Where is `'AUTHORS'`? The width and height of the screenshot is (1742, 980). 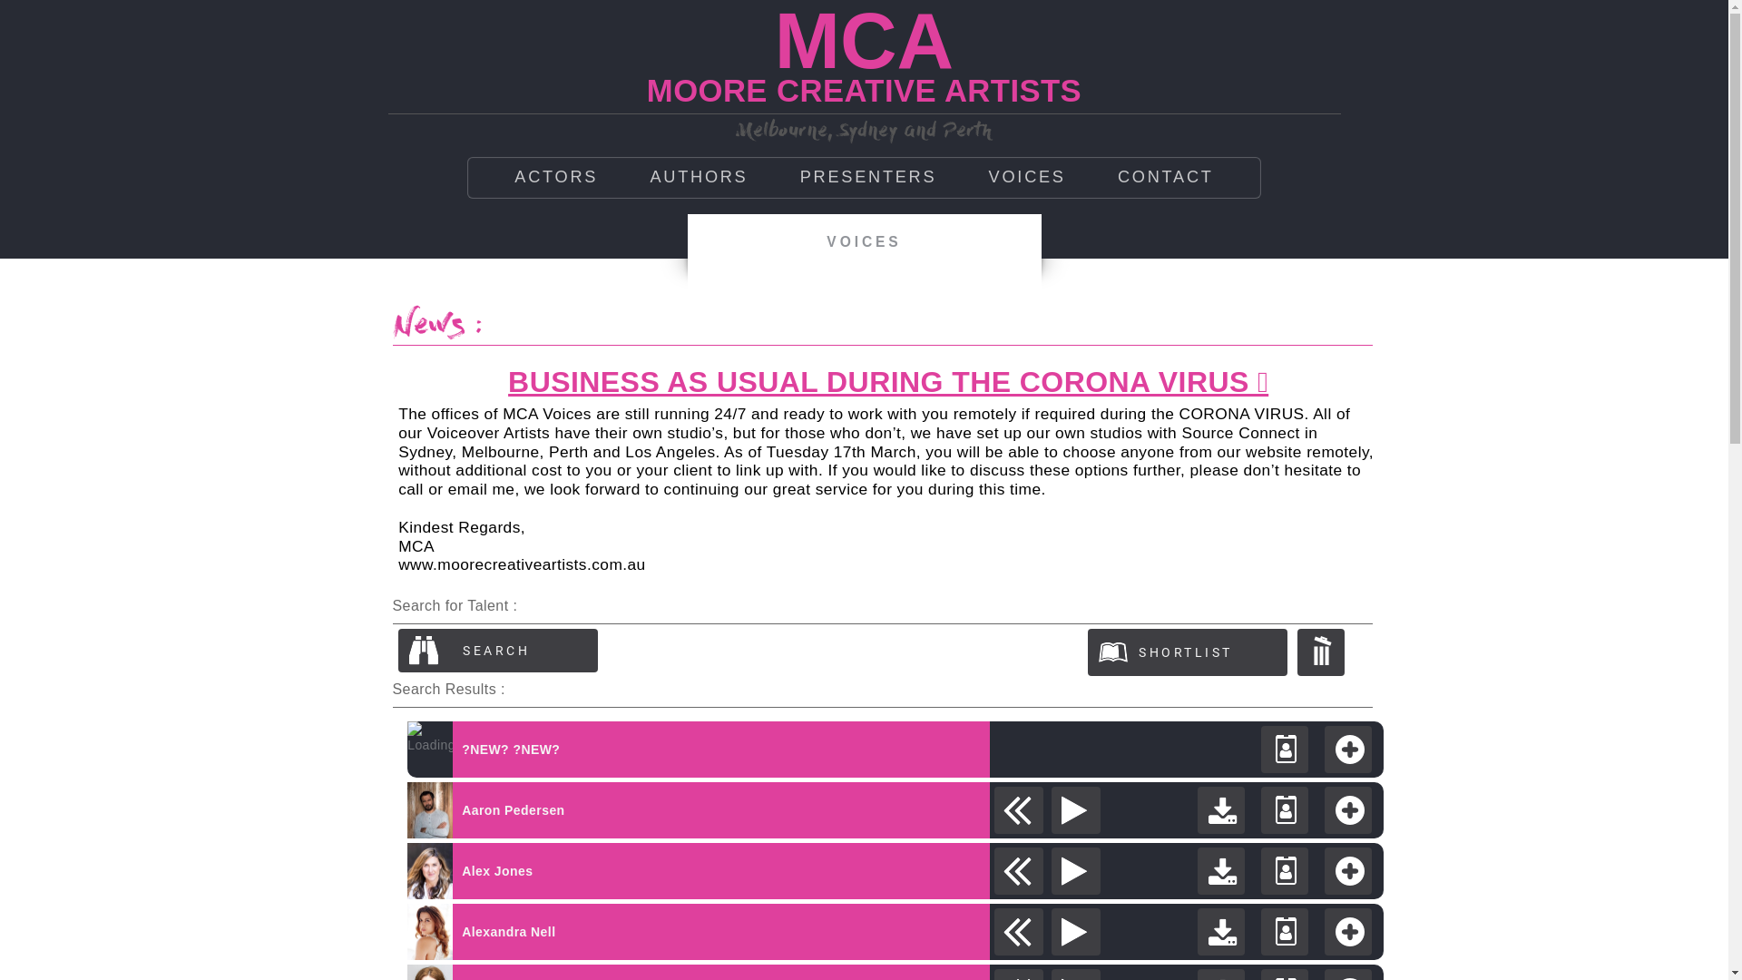 'AUTHORS' is located at coordinates (697, 178).